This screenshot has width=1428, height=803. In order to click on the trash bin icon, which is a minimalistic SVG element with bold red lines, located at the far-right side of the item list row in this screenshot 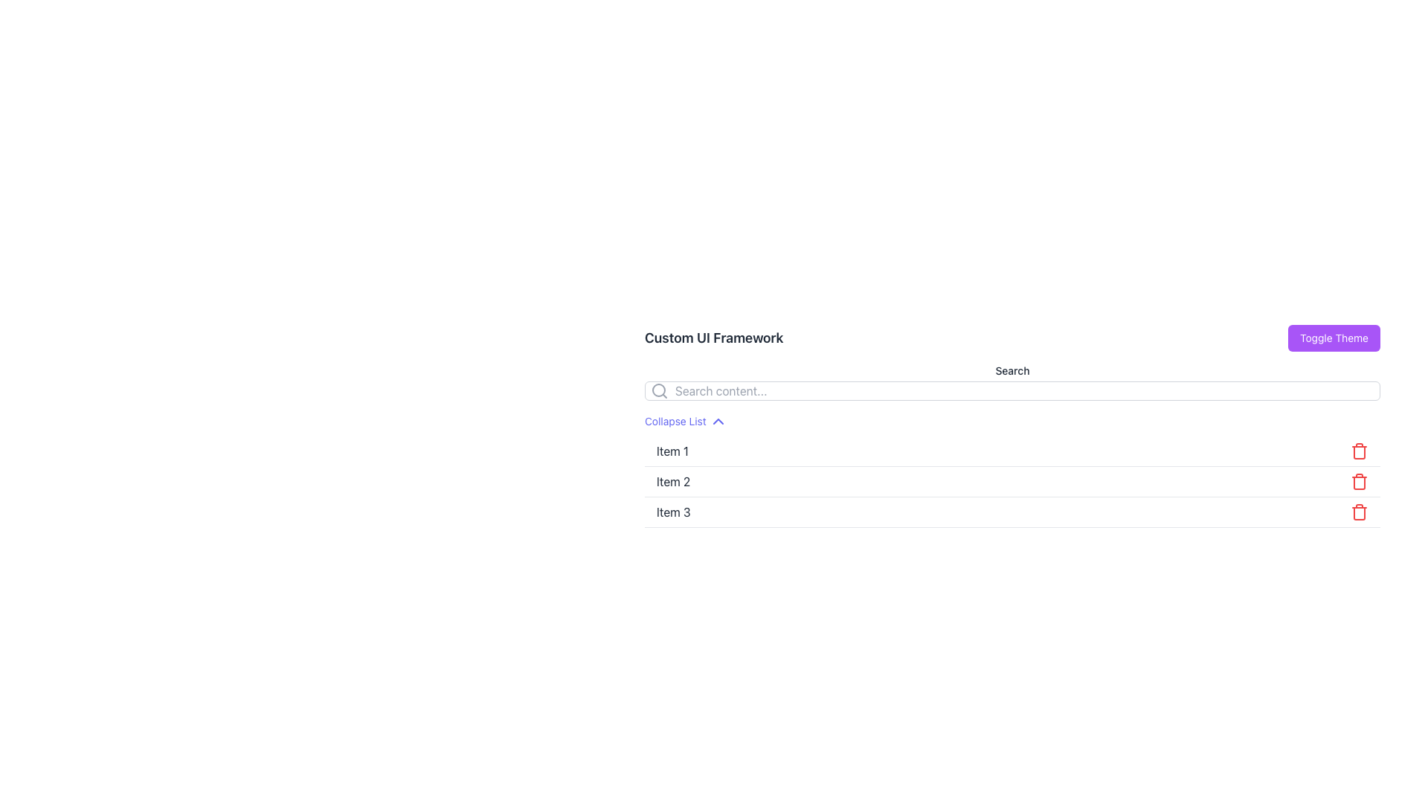, I will do `click(1360, 452)`.